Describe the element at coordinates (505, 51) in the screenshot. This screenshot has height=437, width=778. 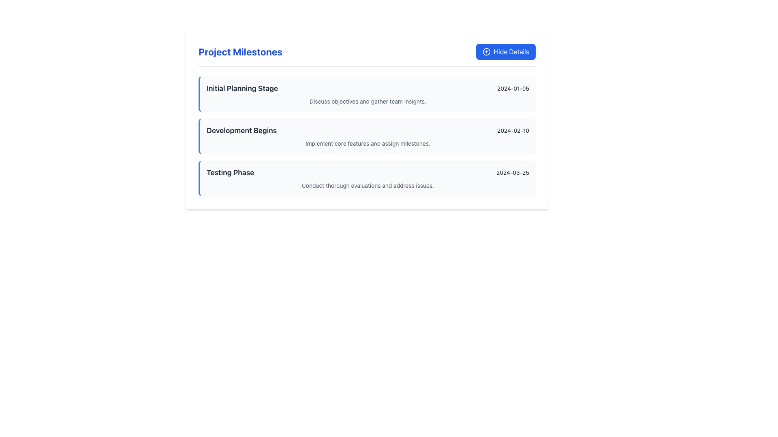
I see `the collapse button located on the far-right side of the interface, aligned with the 'Project Milestones' heading` at that location.